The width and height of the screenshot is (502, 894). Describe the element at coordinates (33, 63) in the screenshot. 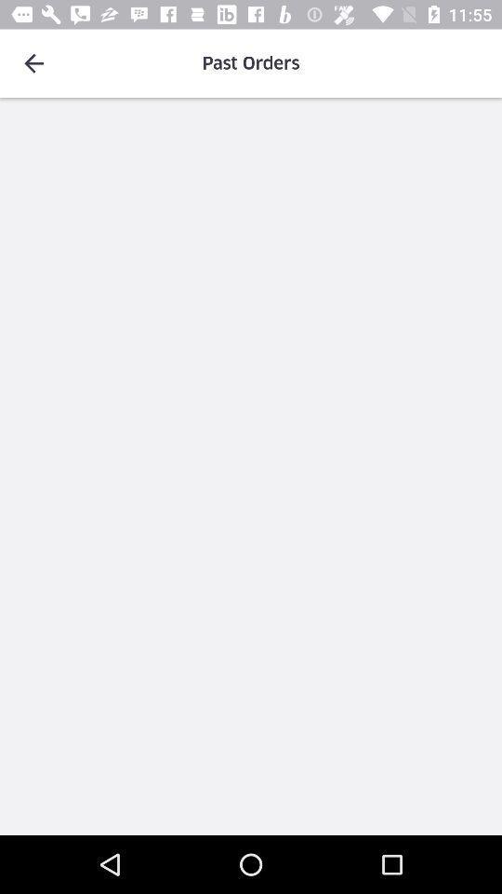

I see `item at the top left corner` at that location.